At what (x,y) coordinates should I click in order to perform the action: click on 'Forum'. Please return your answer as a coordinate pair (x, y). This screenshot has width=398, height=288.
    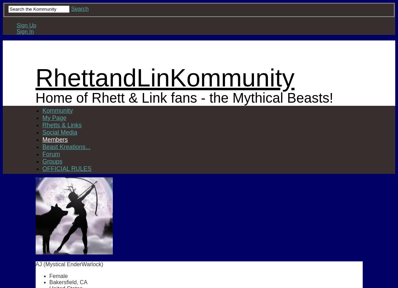
    Looking at the image, I should click on (51, 153).